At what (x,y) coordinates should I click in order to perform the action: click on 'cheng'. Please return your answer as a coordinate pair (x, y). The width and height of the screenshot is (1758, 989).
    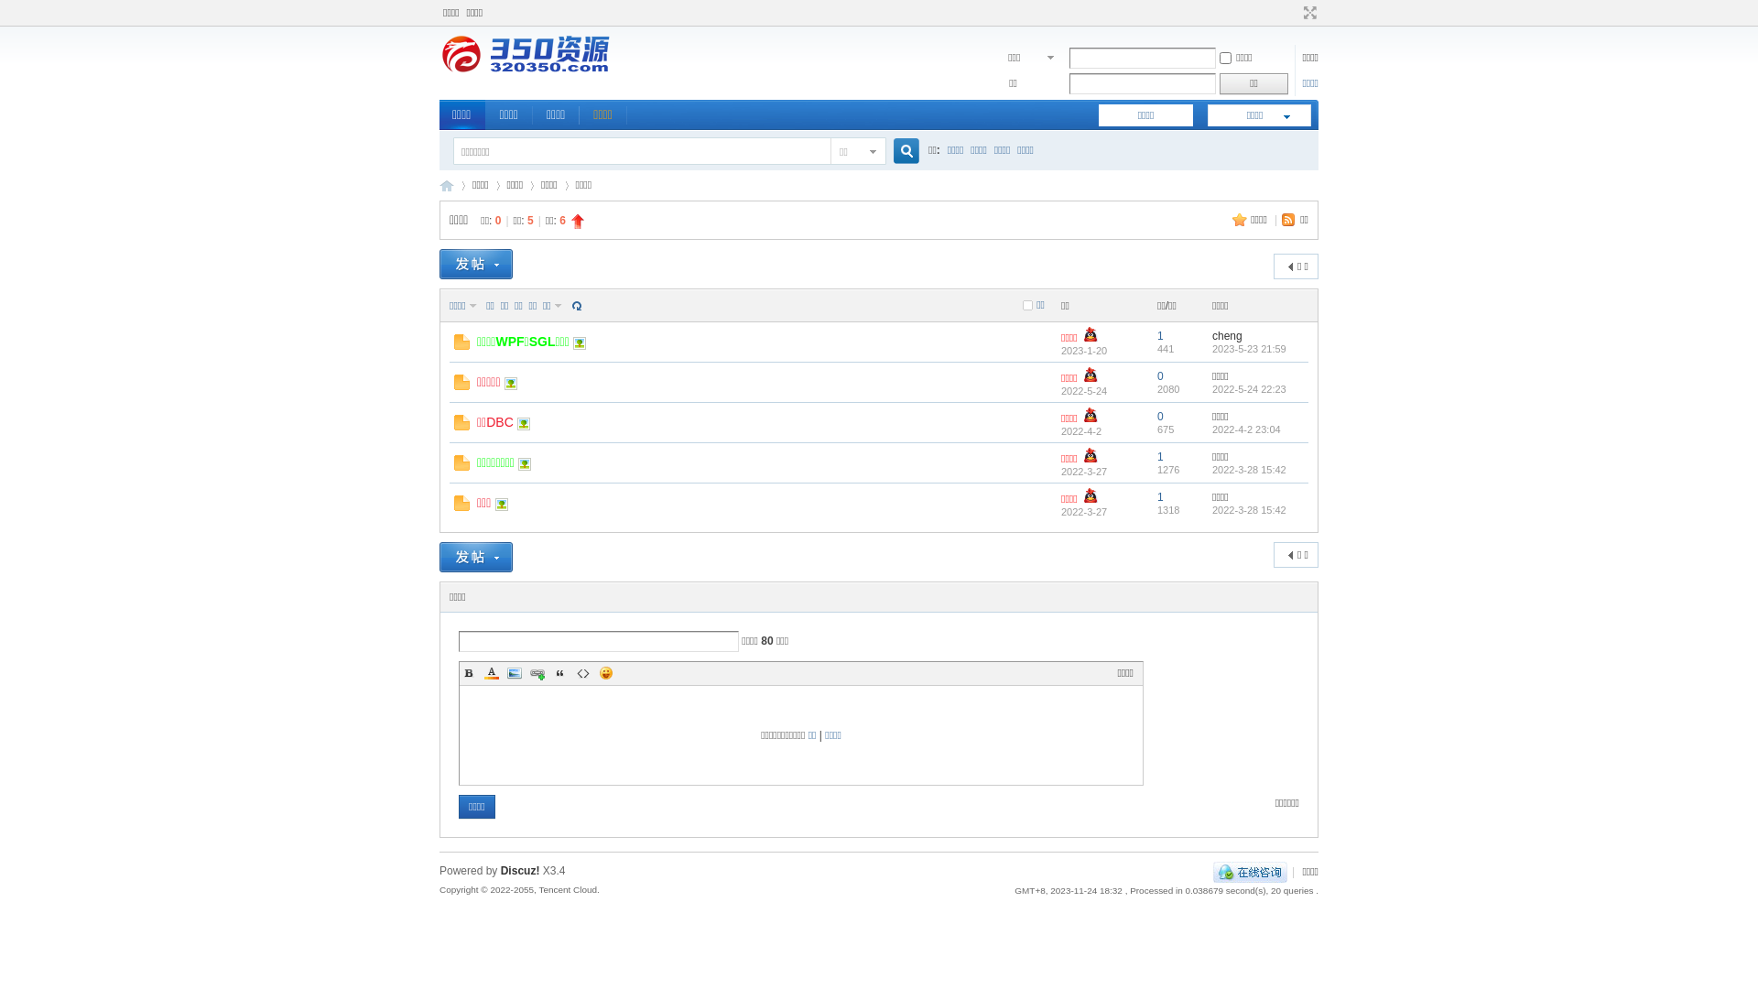
    Looking at the image, I should click on (1227, 335).